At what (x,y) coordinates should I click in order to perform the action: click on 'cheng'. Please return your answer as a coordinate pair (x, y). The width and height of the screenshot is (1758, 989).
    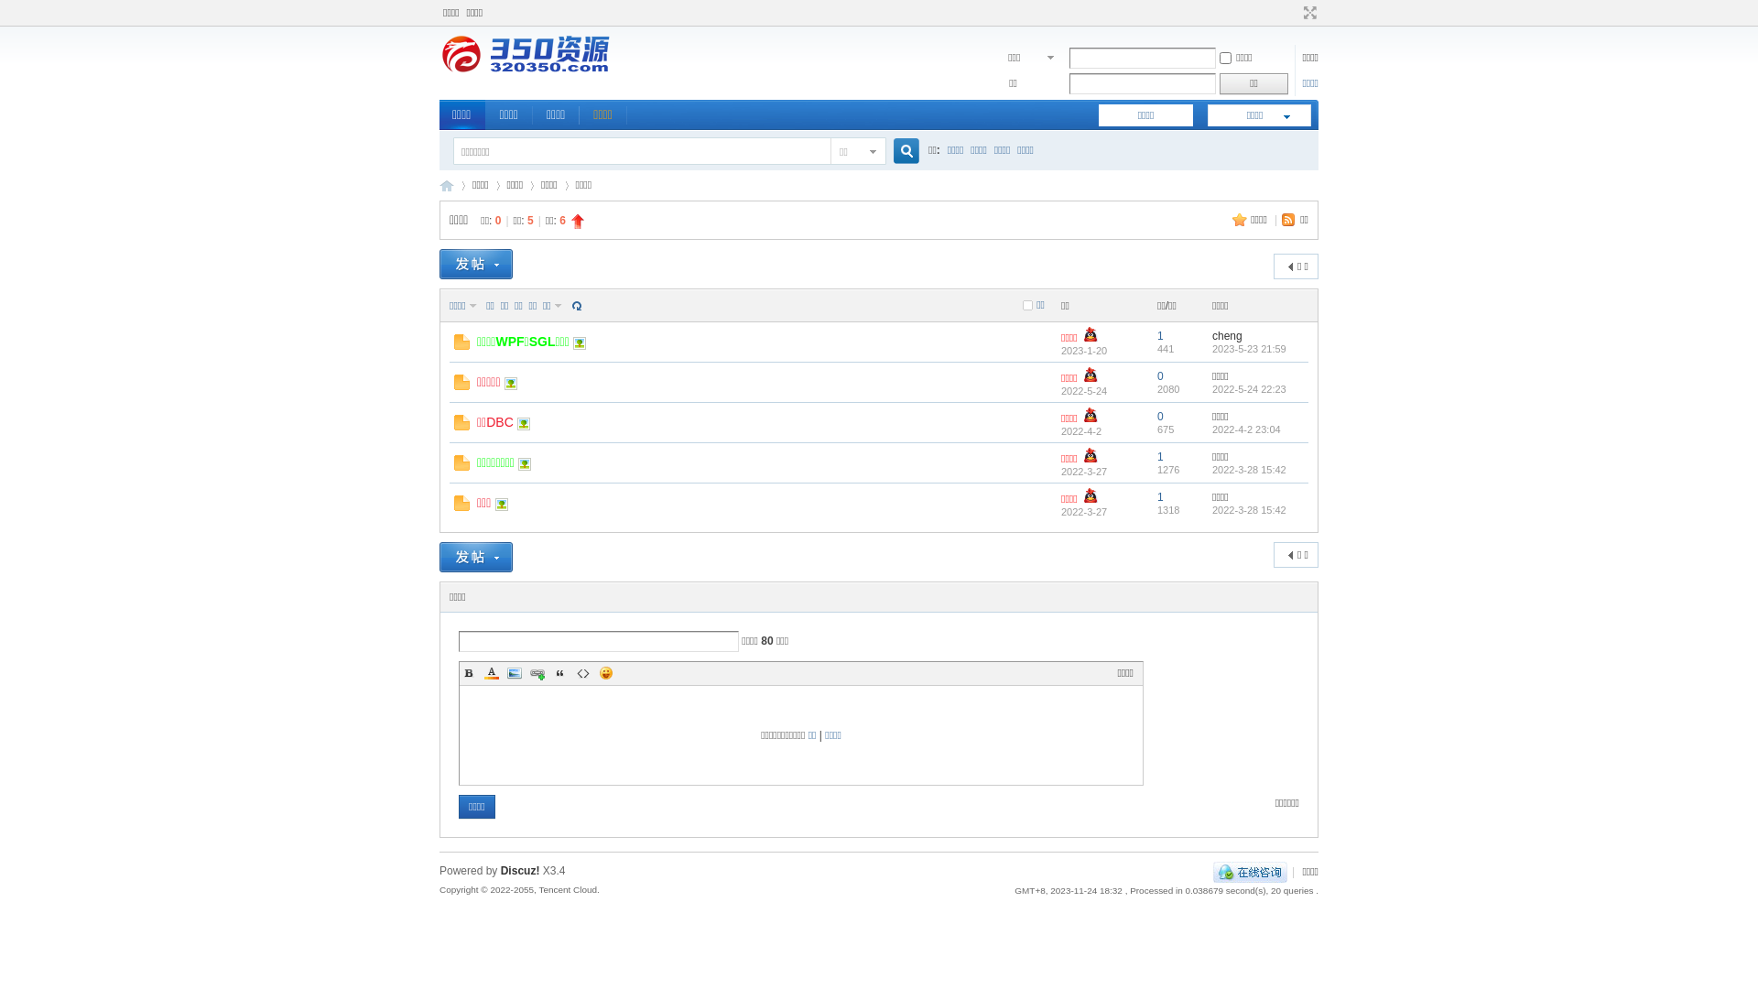
    Looking at the image, I should click on (1227, 335).